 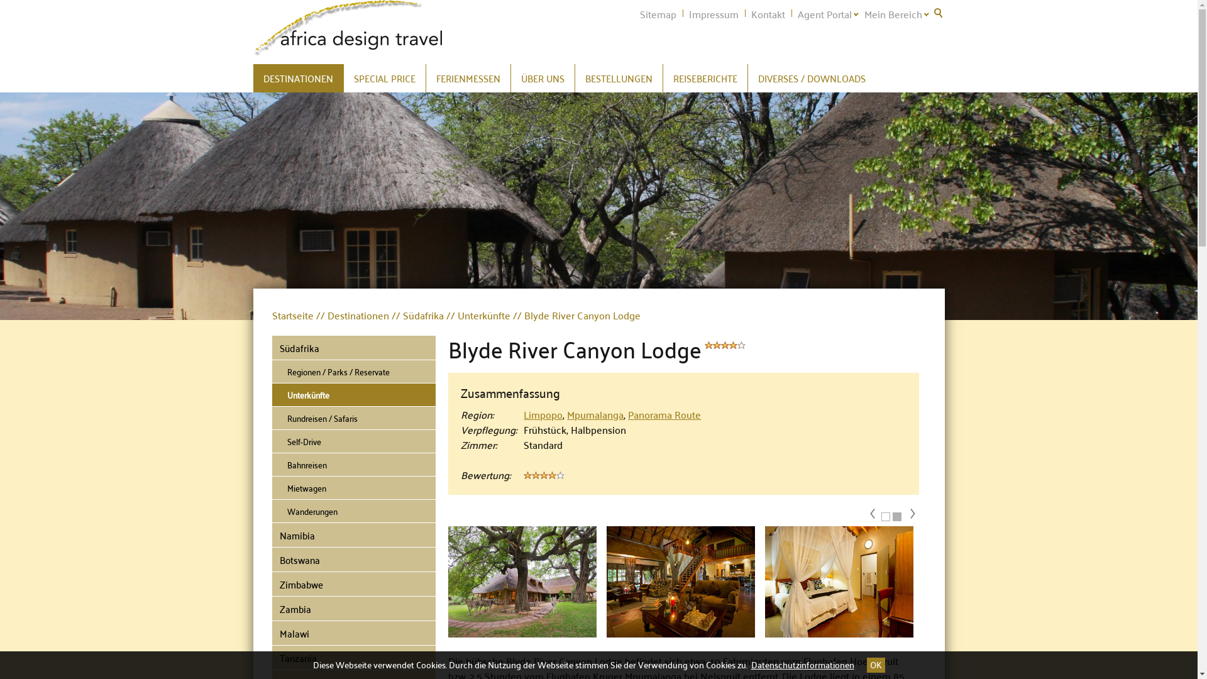 I want to click on 'Mietwagen', so click(x=353, y=487).